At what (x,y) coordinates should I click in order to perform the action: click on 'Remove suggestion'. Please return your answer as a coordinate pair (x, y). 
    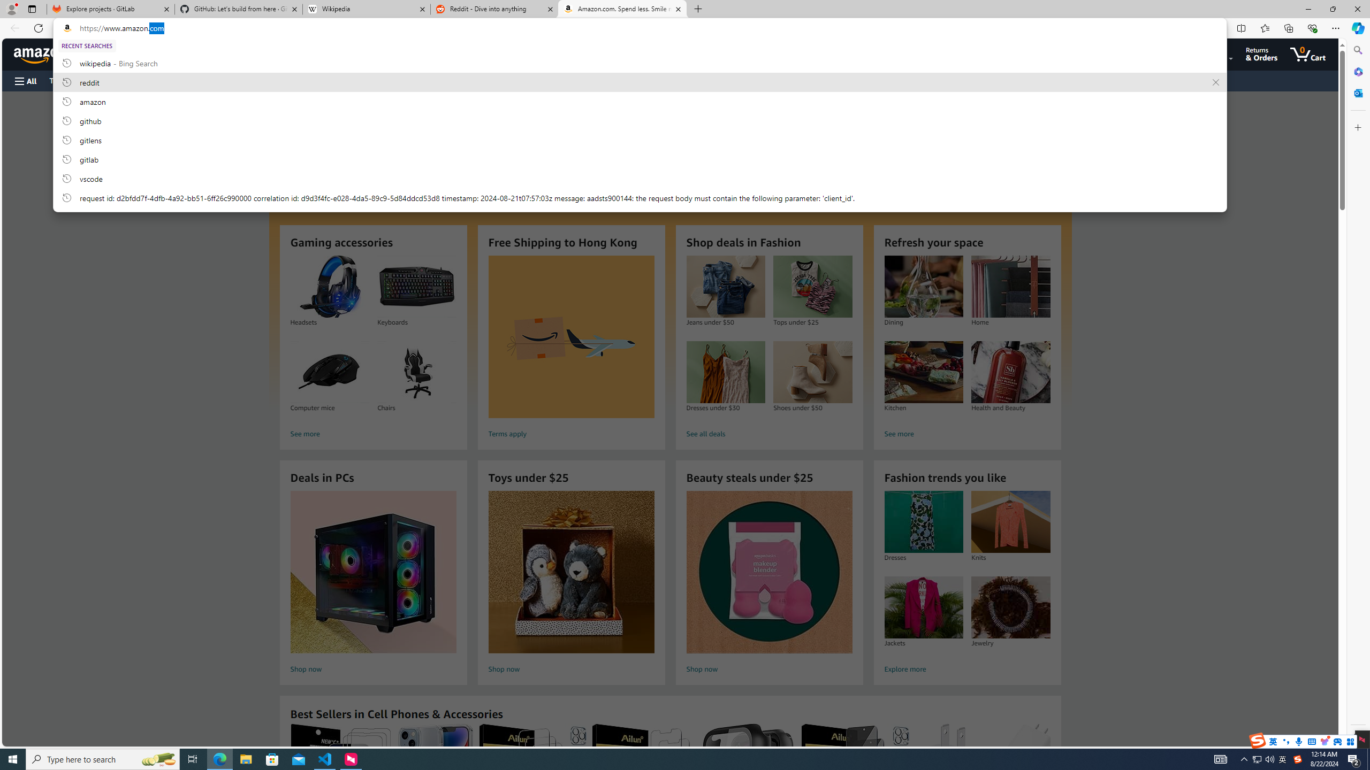
    Looking at the image, I should click on (1215, 82).